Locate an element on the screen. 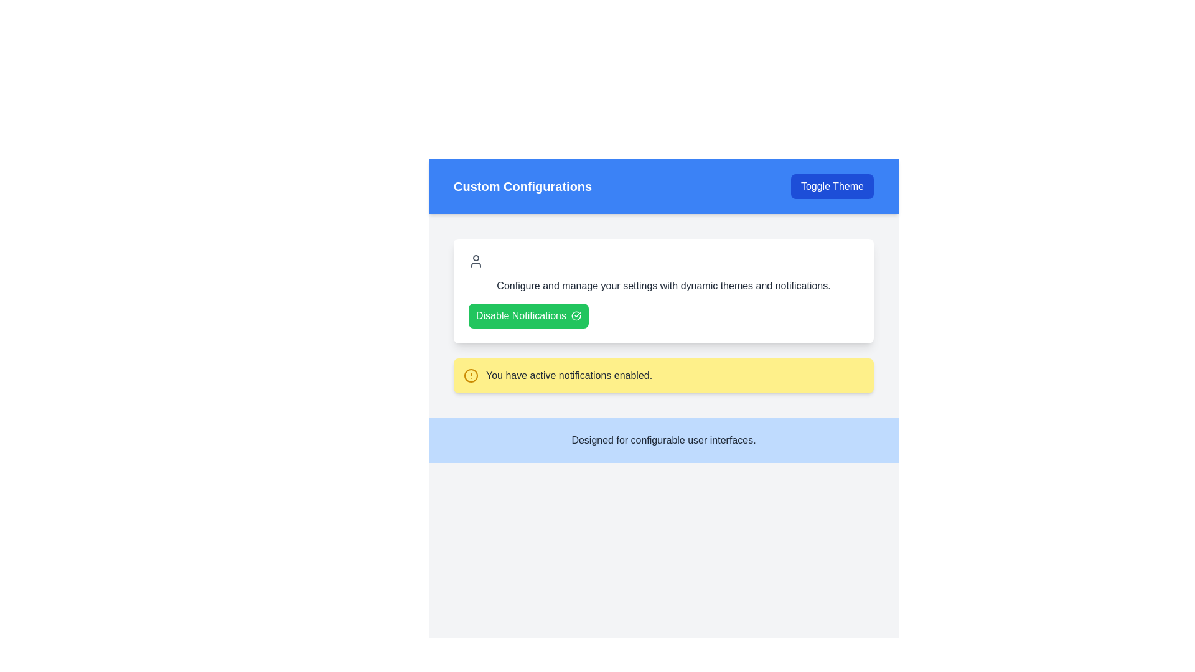  the user profile icon located at the top-left corner of the white card that contains text descriptions and a button, above the text 'Configure and manage your settings with dynamic themes and notifications.' is located at coordinates (475, 261).